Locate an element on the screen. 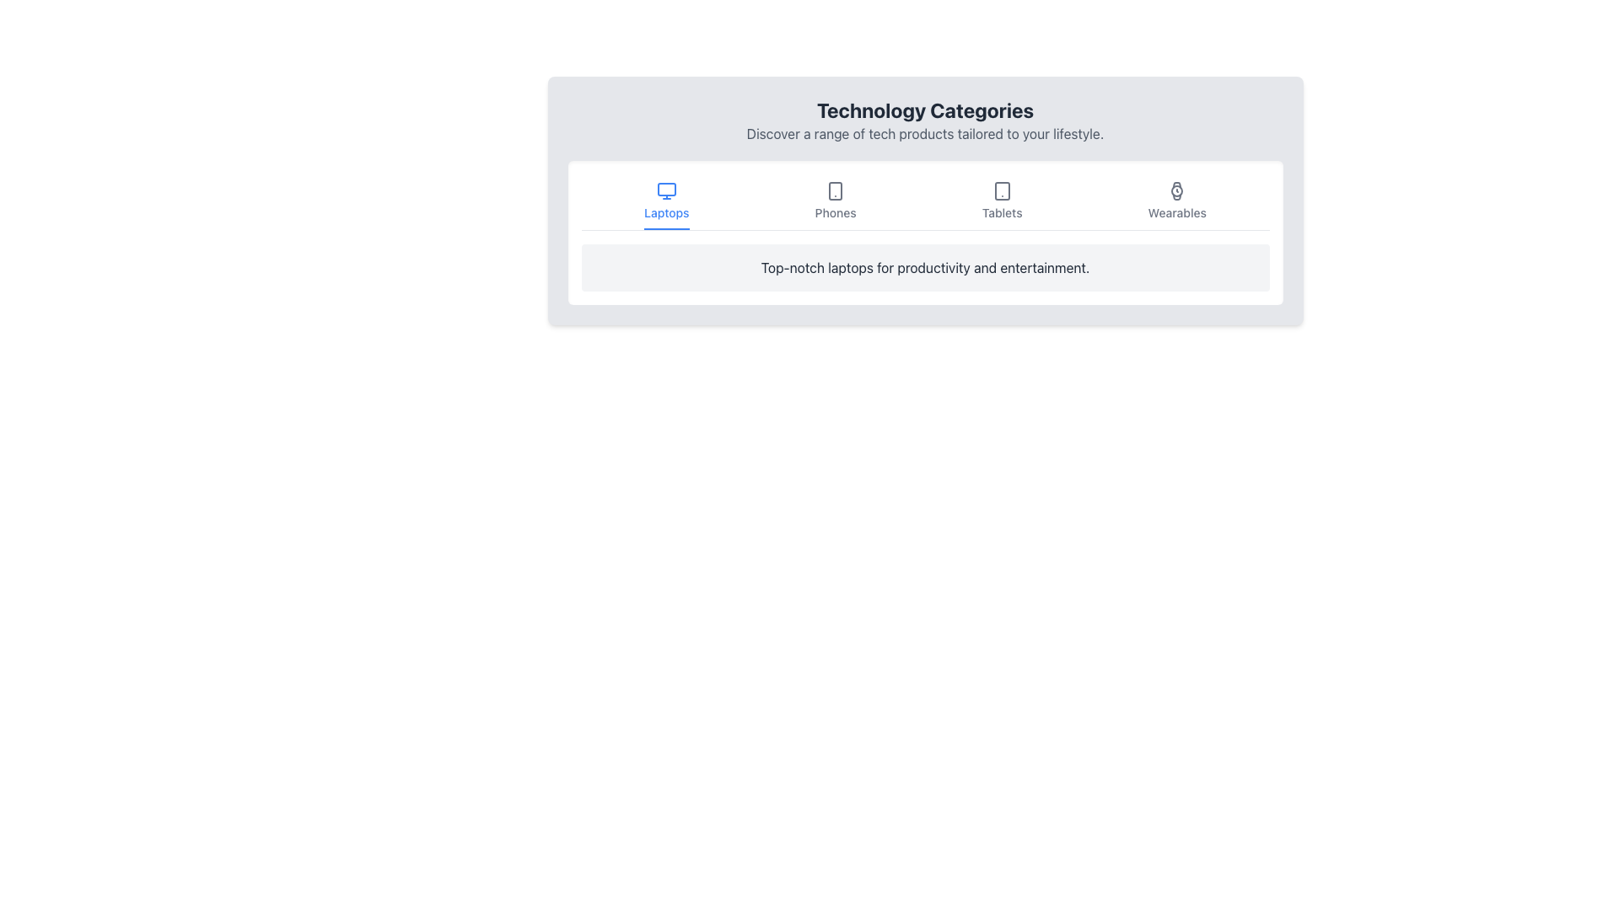 The height and width of the screenshot is (910, 1619). the larger category button that encompasses the smartphone icon, which is the second icon from the left in the horizontal menu layout for technology products is located at coordinates (836, 190).